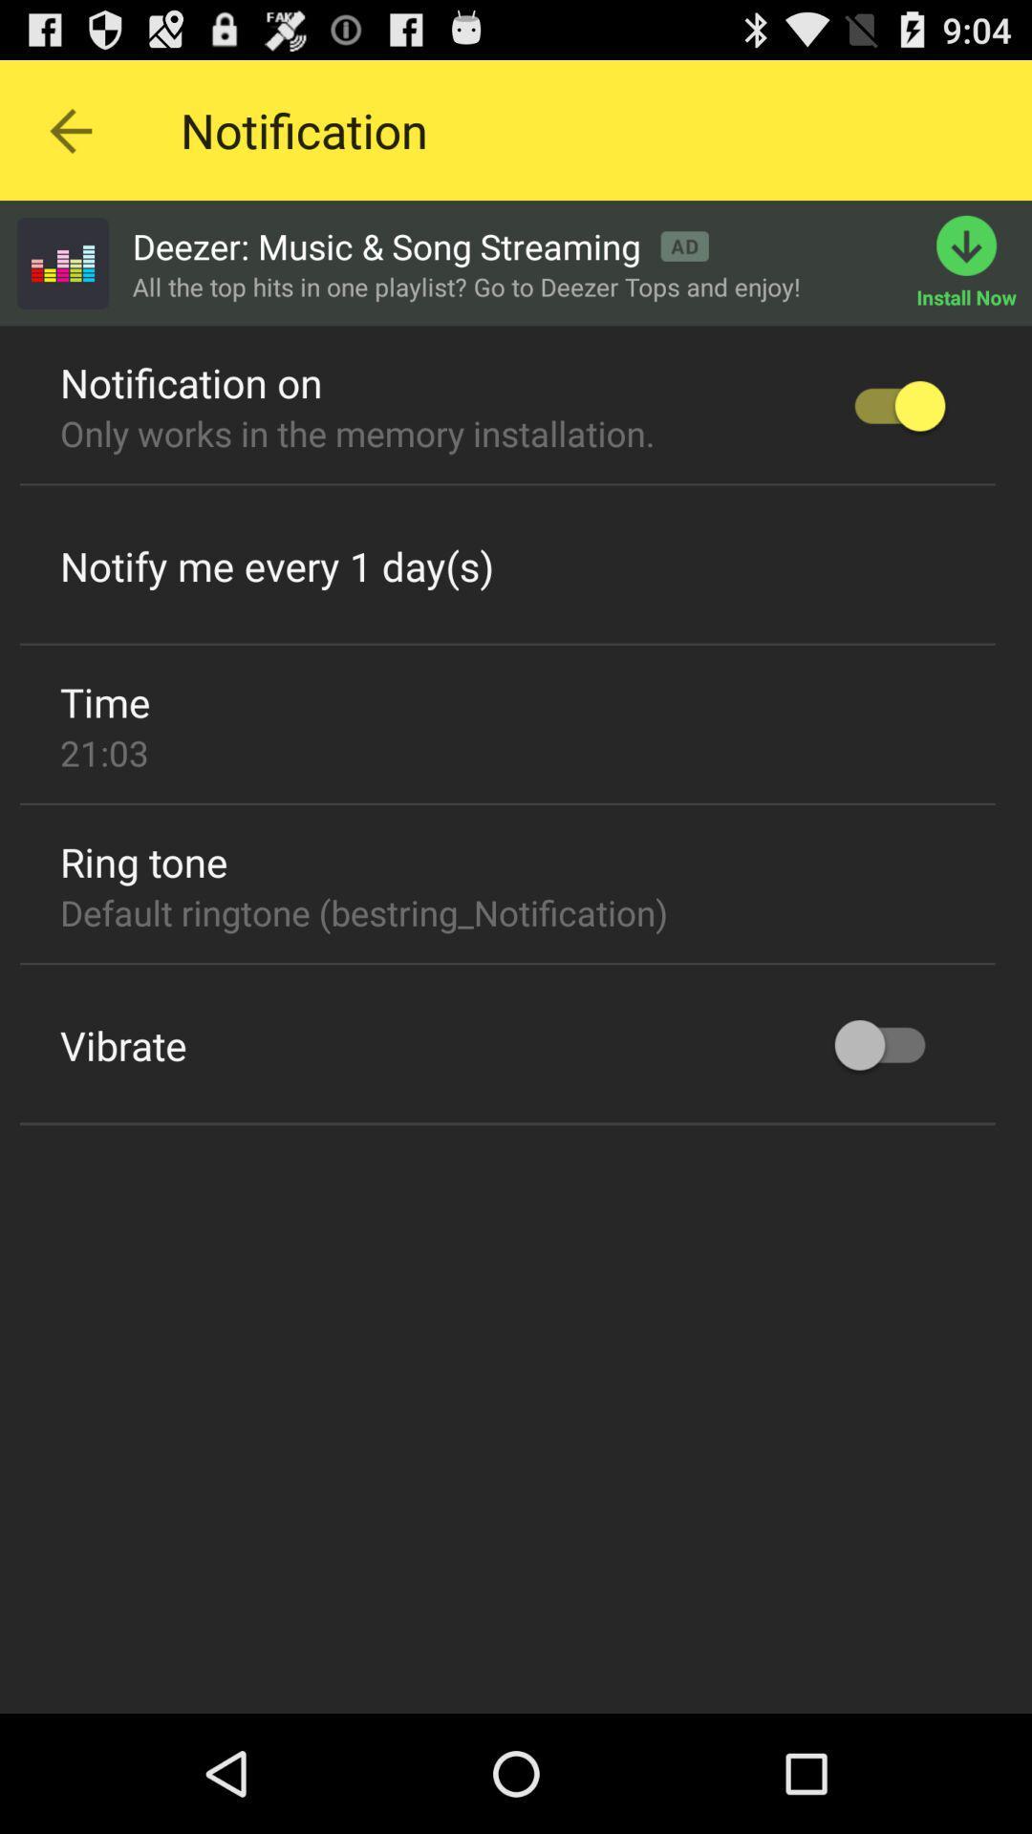 The width and height of the screenshot is (1032, 1834). Describe the element at coordinates (419, 245) in the screenshot. I see `the item next to the install now icon` at that location.